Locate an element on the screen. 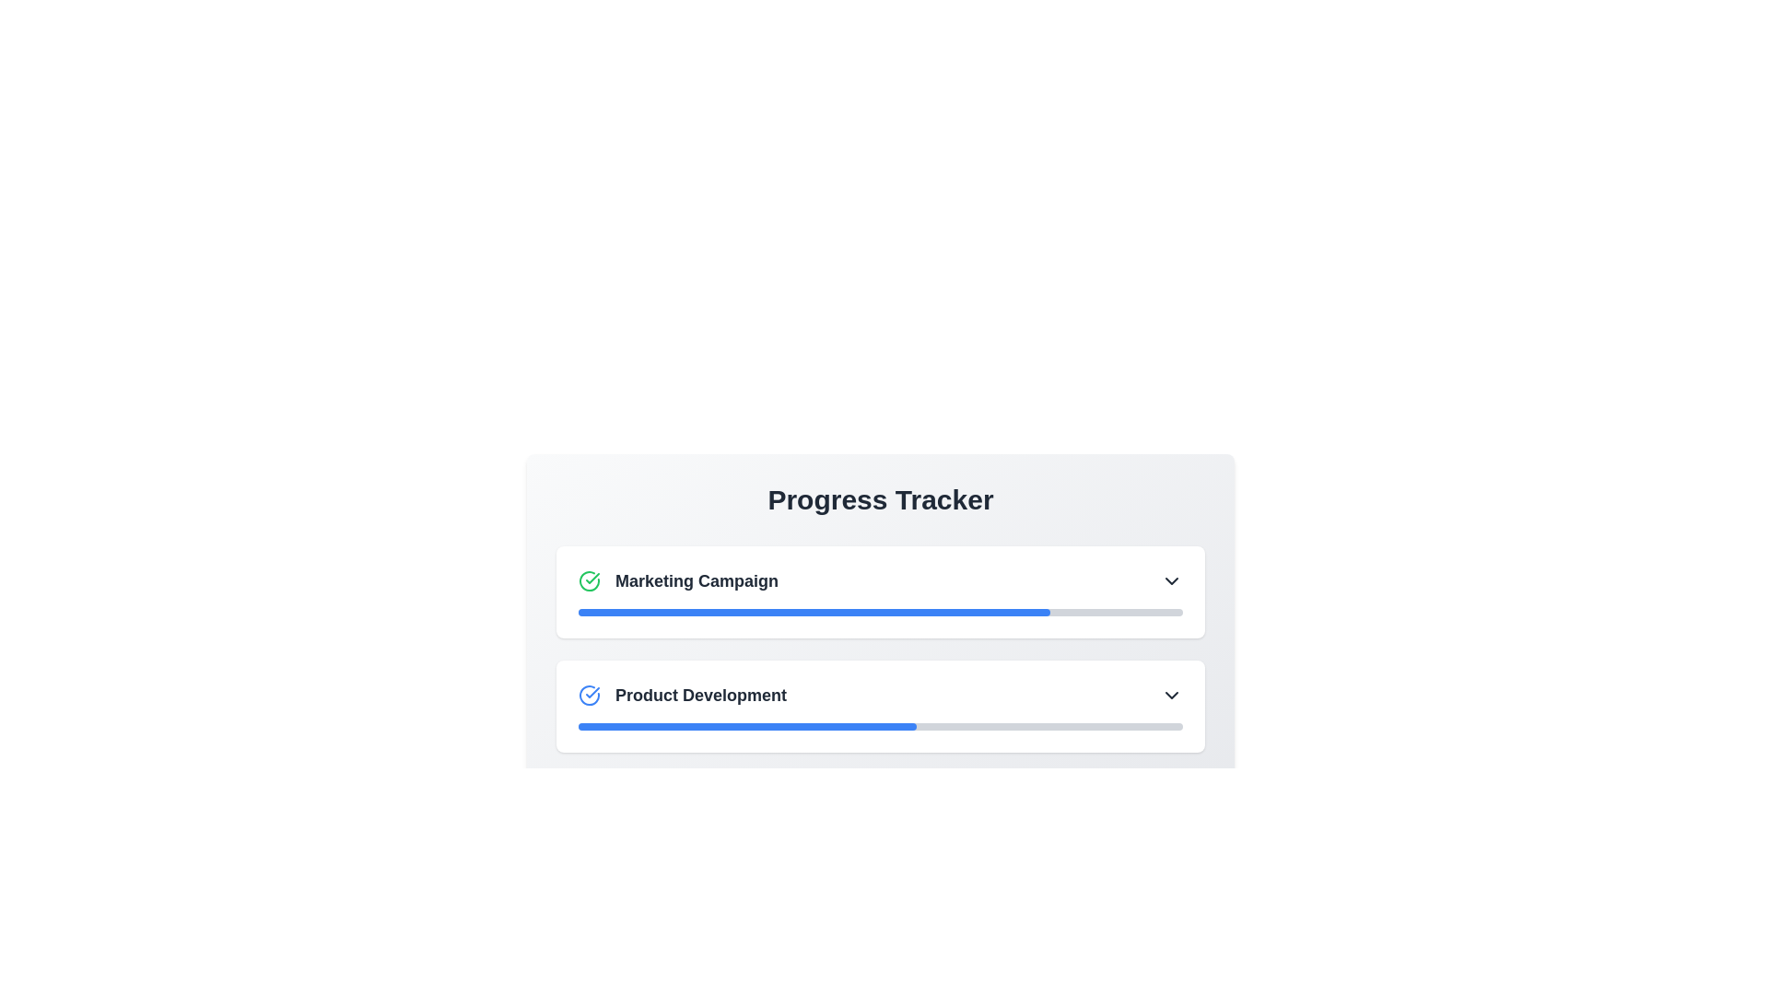 This screenshot has height=995, width=1769. the progress representation of the horizontal progress bar in the 'Product Development' section under 'Progress Tracker', which shows 56% completion is located at coordinates (879, 726).